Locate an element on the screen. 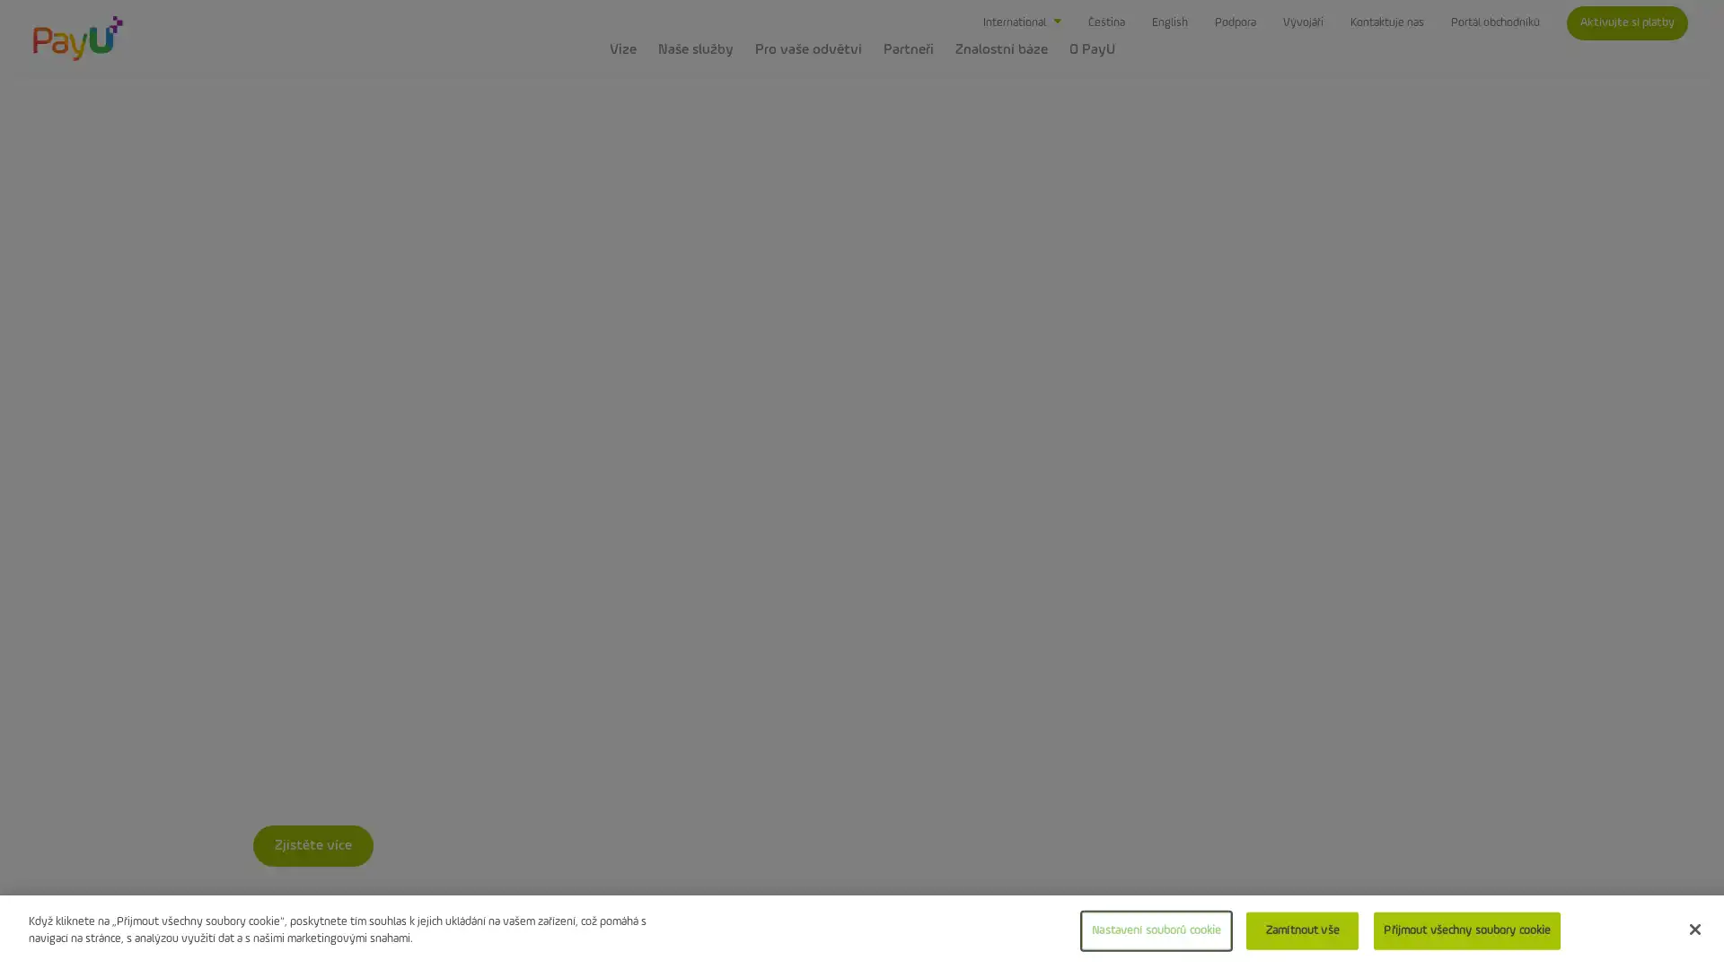 The width and height of the screenshot is (1724, 969). Nastaveni souboru cookie is located at coordinates (1156, 930).